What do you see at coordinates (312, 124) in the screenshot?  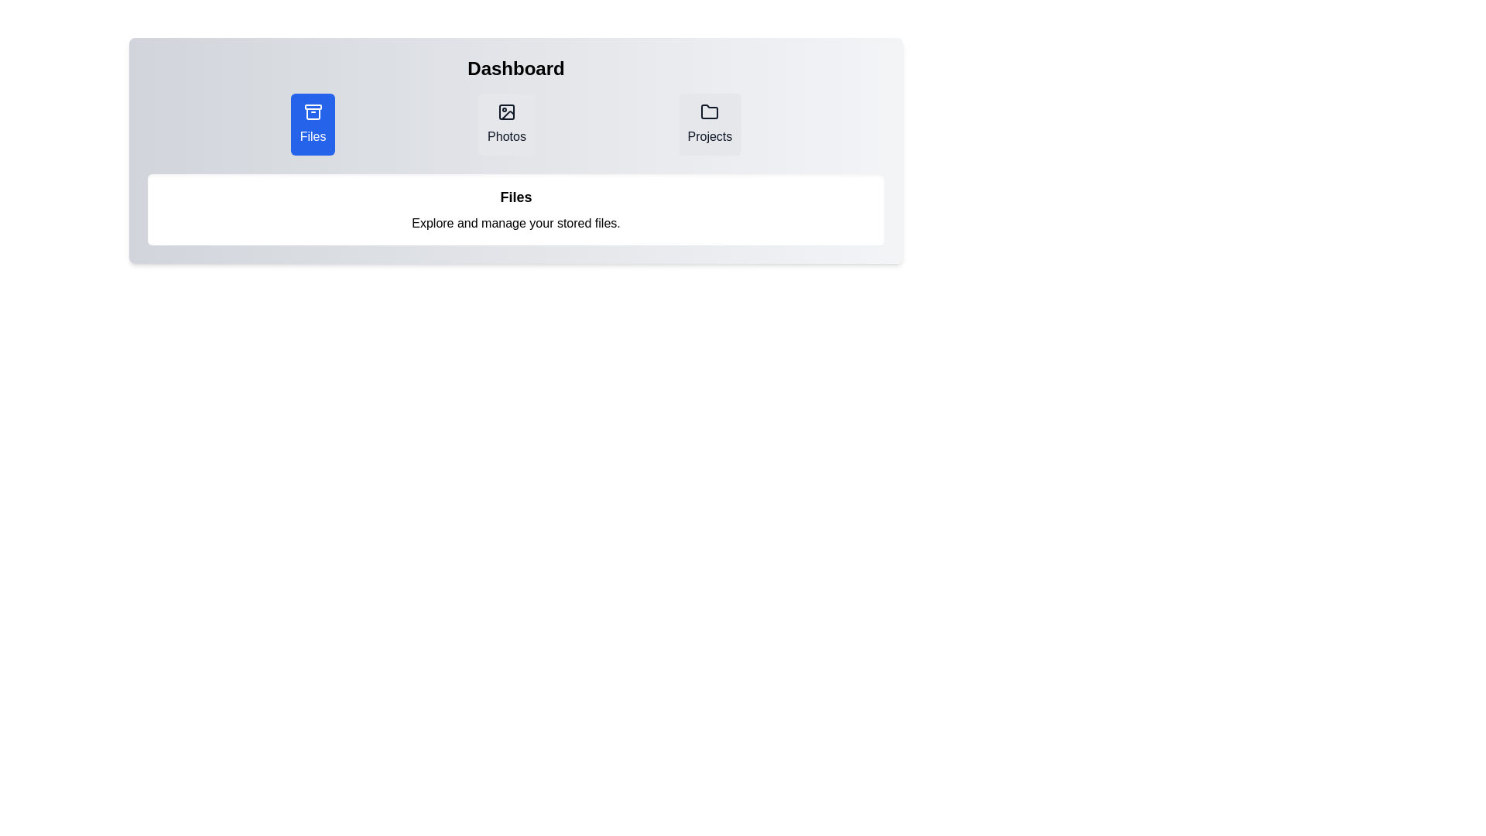 I see `the tab labeled Files to observe its hover effect` at bounding box center [312, 124].